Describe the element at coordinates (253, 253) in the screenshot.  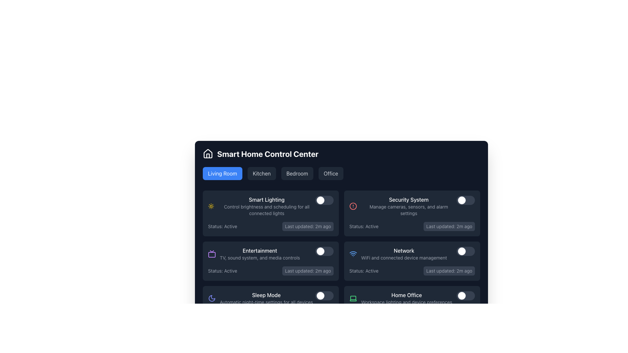
I see `the informational block titled 'Entertainment' with a TV icon on the left, which includes a description about media controls` at that location.